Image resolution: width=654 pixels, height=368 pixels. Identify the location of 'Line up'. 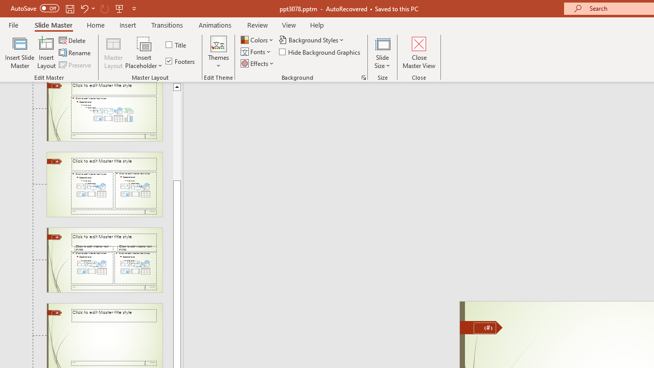
(177, 86).